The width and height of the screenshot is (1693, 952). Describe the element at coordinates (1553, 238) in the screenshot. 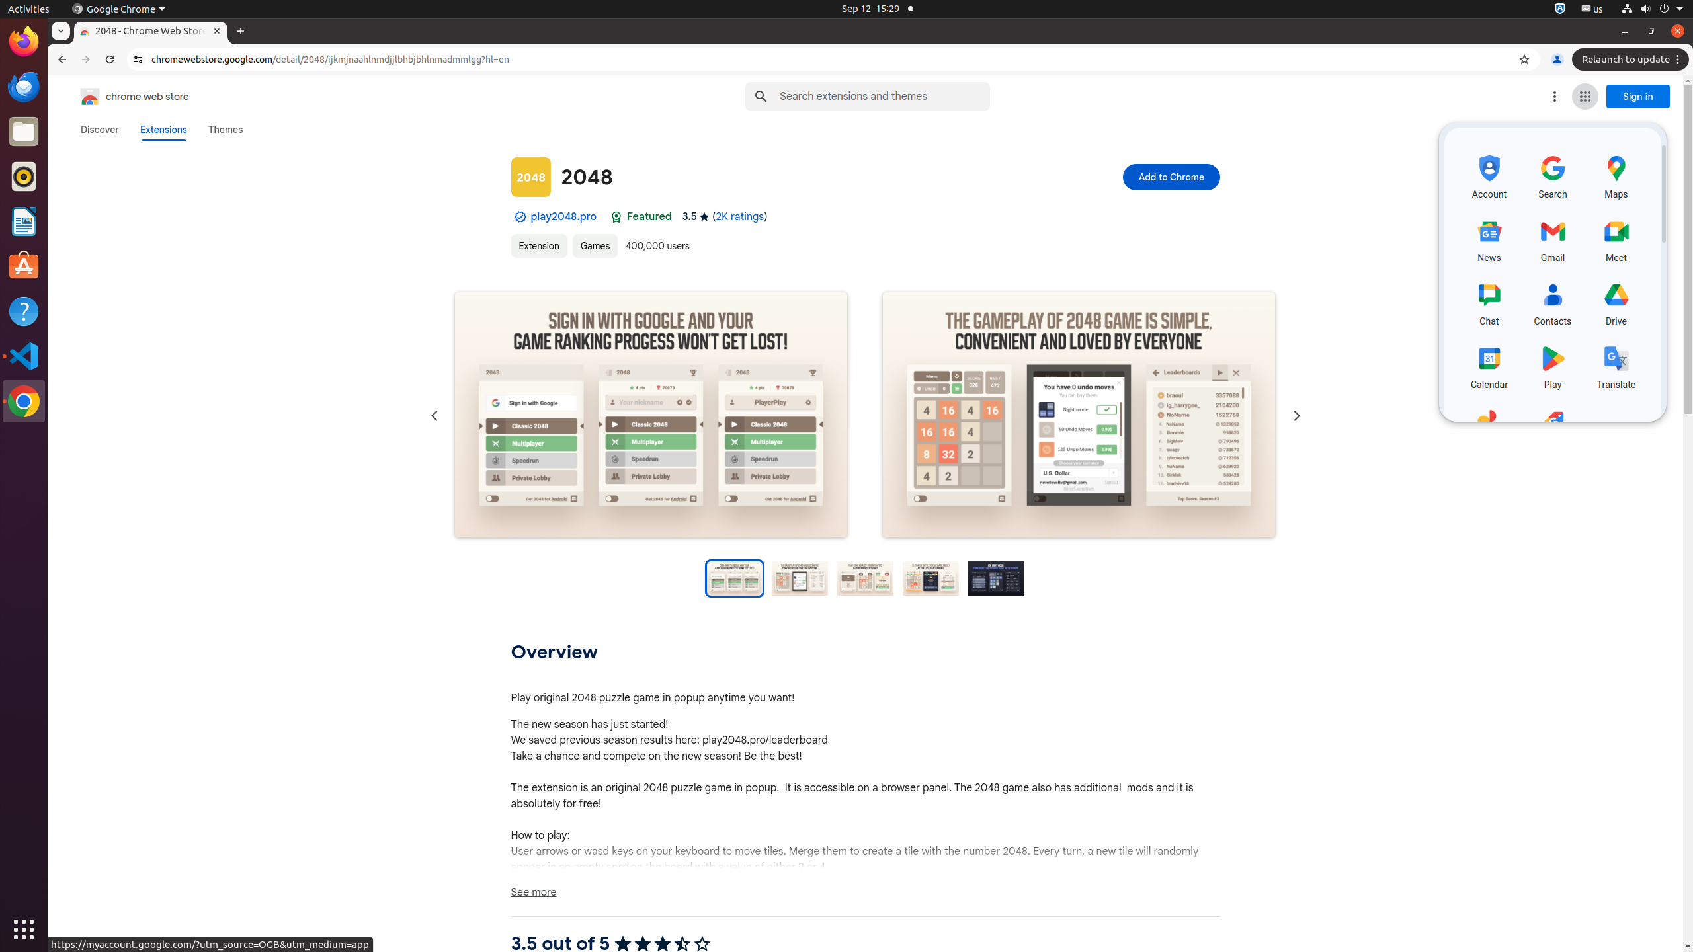

I see `'Gmail, row 2 of 5 and column 2 of 3 in the first section (opens a new tab)'` at that location.